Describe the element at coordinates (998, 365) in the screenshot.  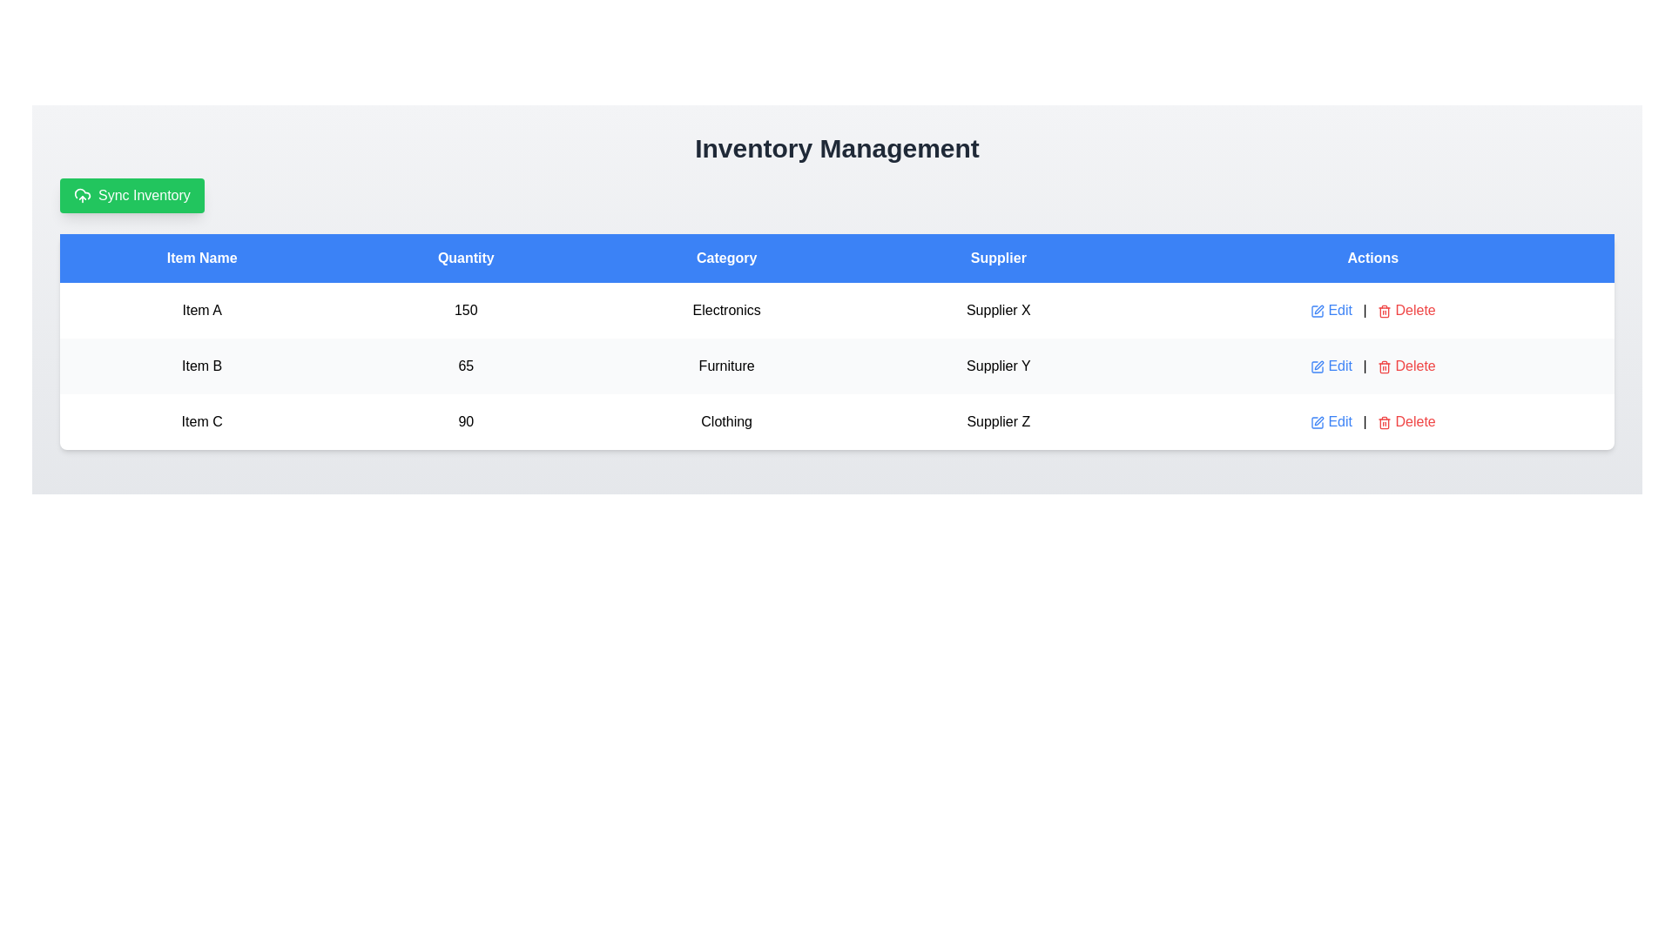
I see `the text label displaying the supplier name for the 'Furniture' category in the second row of the table` at that location.